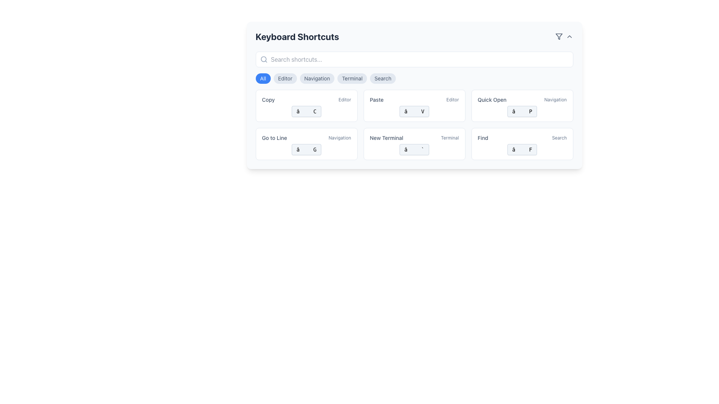 The width and height of the screenshot is (719, 404). Describe the element at coordinates (414, 111) in the screenshot. I see `the rounded rectangular button labeled with a symbol and 'V' under the 'Paste' shortcut in the 'Keyboard Shortcuts' grid` at that location.